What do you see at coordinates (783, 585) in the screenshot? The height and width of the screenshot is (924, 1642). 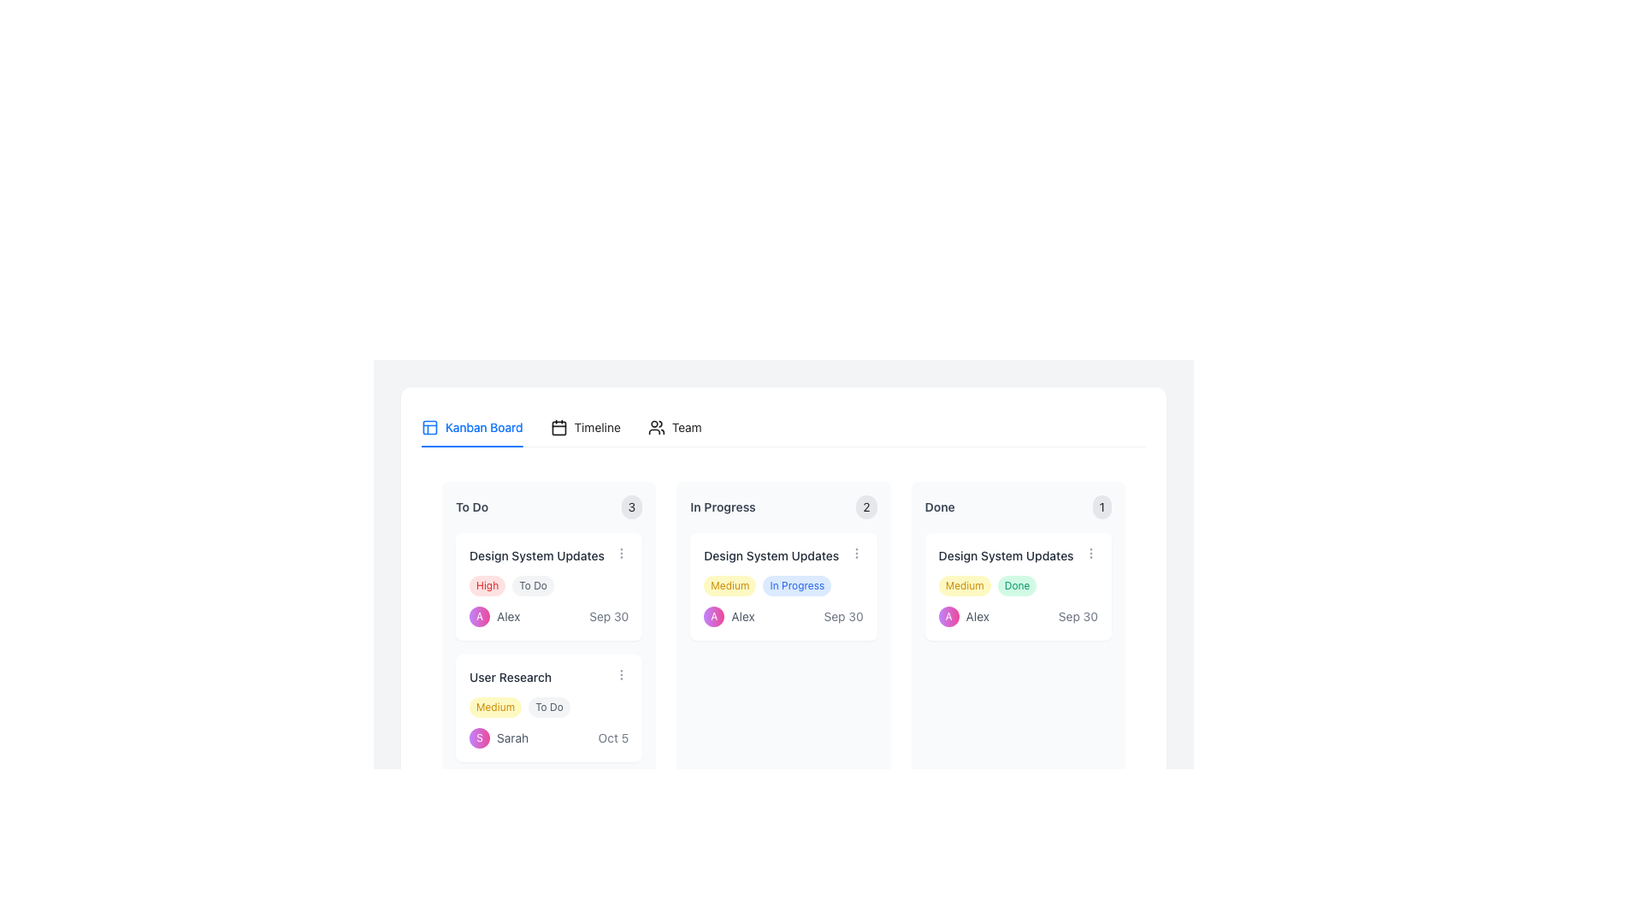 I see `the Label Group displaying the priority and current status of the task 'Design System Updates'` at bounding box center [783, 585].